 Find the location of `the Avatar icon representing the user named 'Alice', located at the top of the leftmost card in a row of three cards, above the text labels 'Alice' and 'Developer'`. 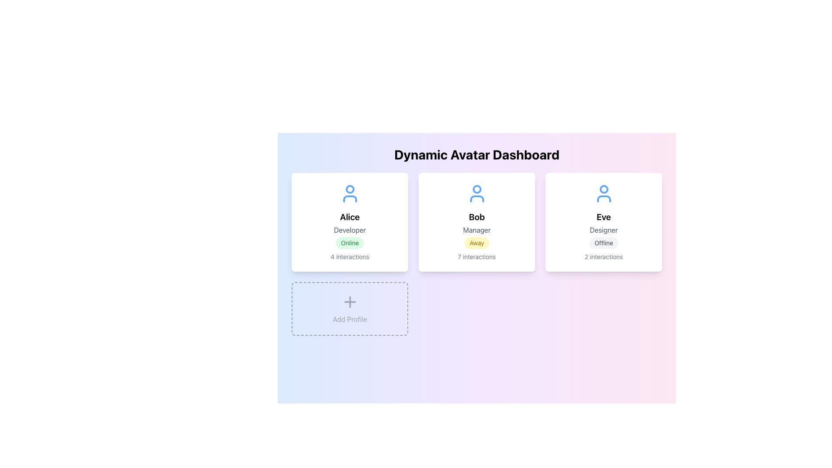

the Avatar icon representing the user named 'Alice', located at the top of the leftmost card in a row of three cards, above the text labels 'Alice' and 'Developer' is located at coordinates (350, 193).